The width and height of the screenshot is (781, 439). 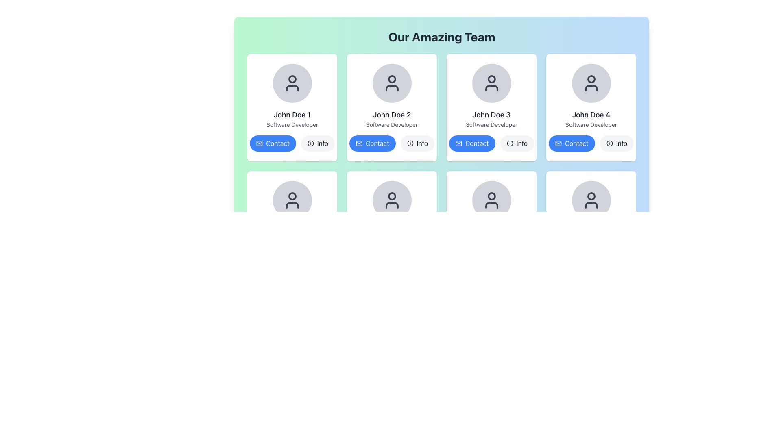 I want to click on the left button labeled for contacting the team member in the 'John Doe 2' card located in the second column of the first row to initiate contact, so click(x=372, y=143).